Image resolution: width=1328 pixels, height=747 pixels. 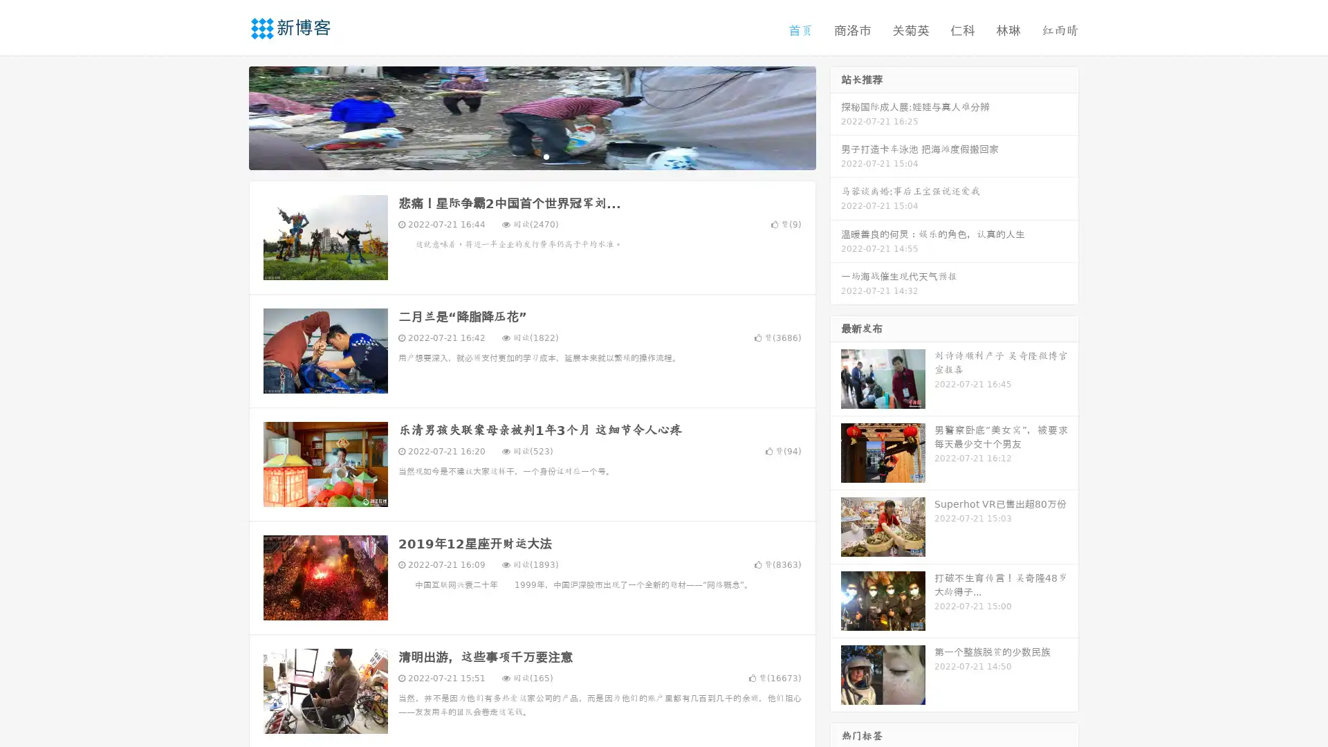 What do you see at coordinates (228, 116) in the screenshot?
I see `Previous slide` at bounding box center [228, 116].